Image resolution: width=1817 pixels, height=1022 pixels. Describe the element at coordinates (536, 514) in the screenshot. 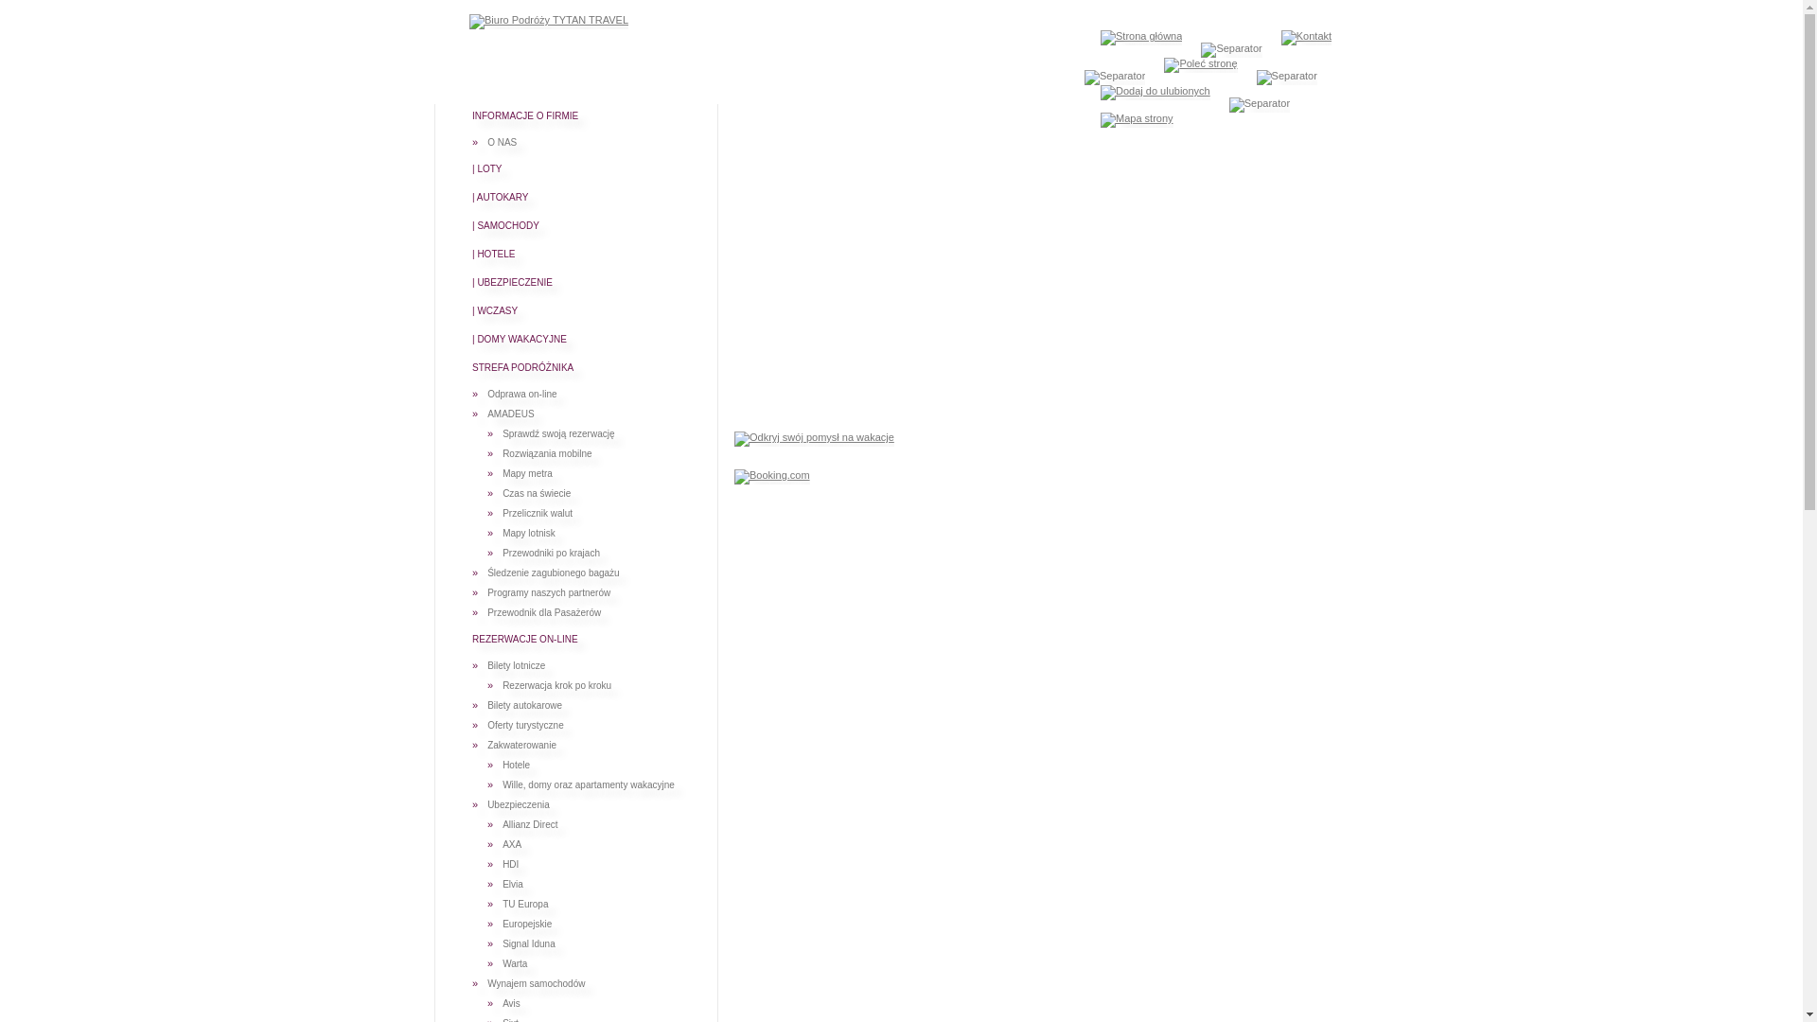

I see `'Przelicznik walut'` at that location.